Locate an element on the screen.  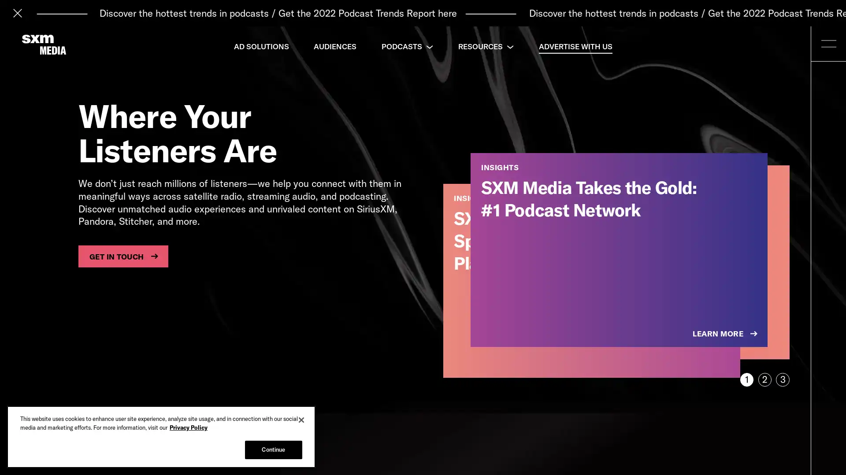
3 is located at coordinates (783, 379).